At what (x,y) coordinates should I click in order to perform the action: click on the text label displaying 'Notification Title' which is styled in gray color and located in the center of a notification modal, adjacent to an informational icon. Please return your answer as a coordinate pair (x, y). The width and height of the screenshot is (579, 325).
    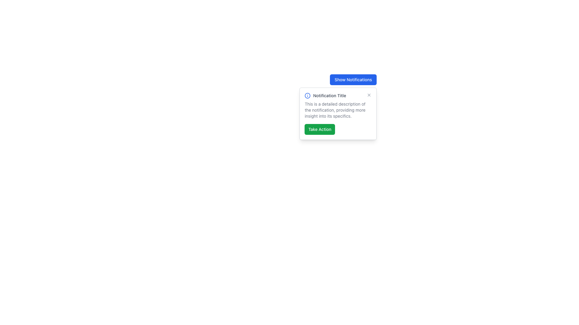
    Looking at the image, I should click on (329, 95).